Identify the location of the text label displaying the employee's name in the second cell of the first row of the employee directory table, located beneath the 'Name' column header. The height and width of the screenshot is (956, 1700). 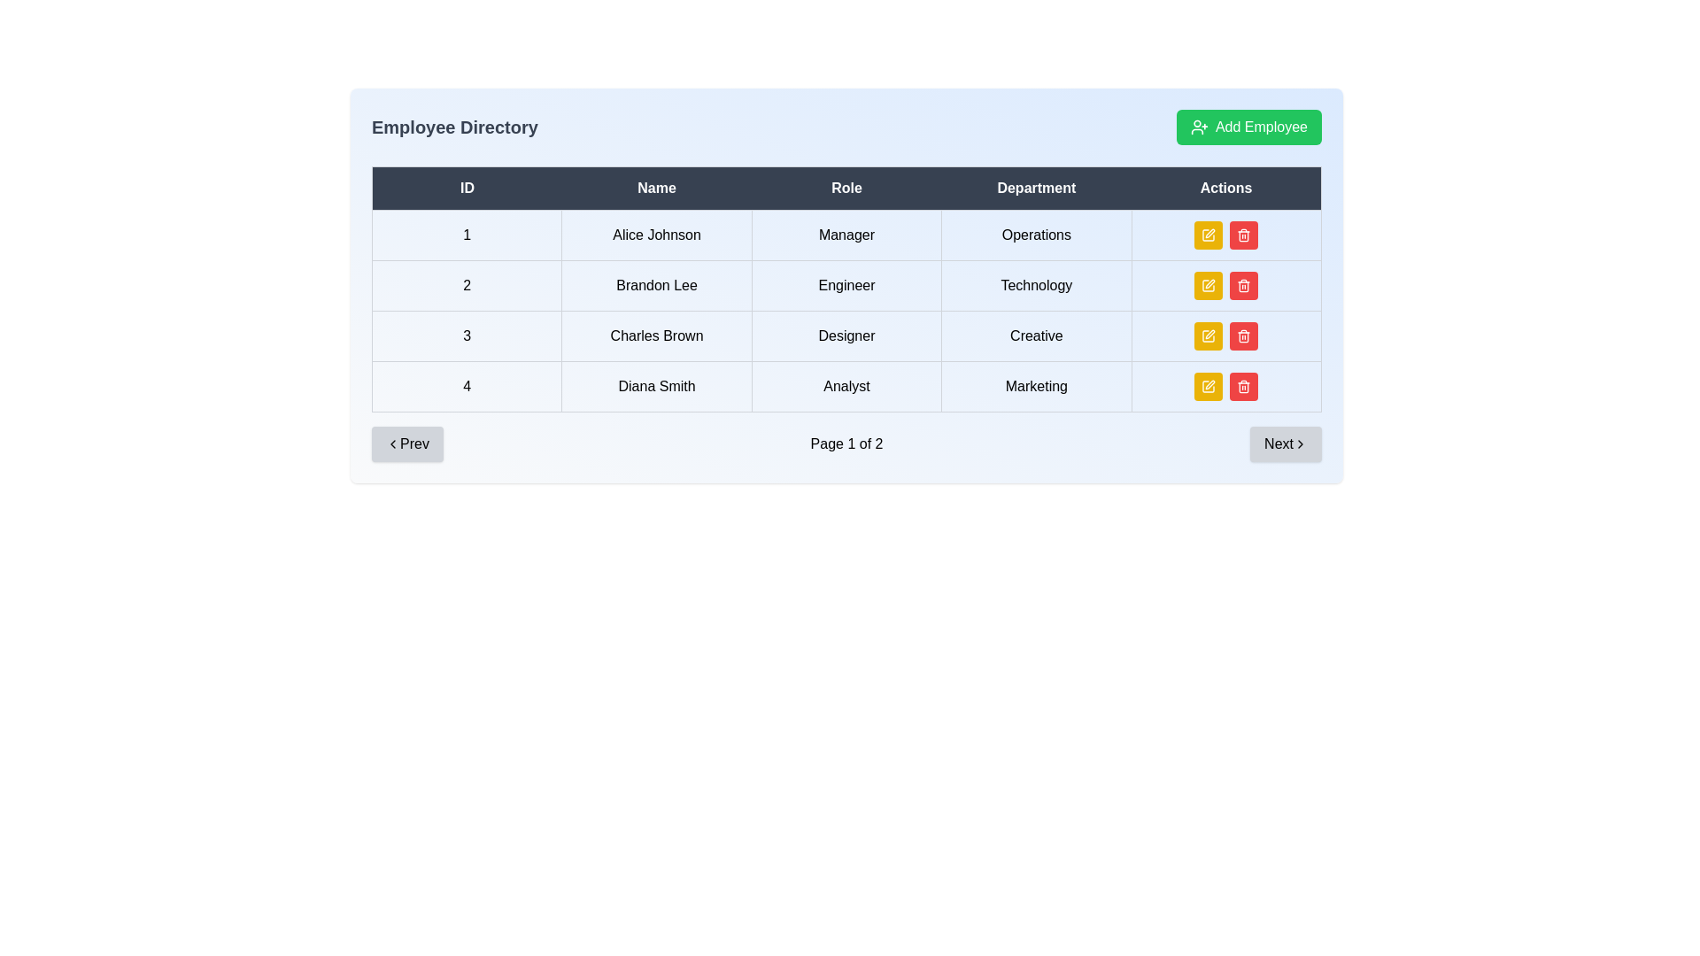
(656, 235).